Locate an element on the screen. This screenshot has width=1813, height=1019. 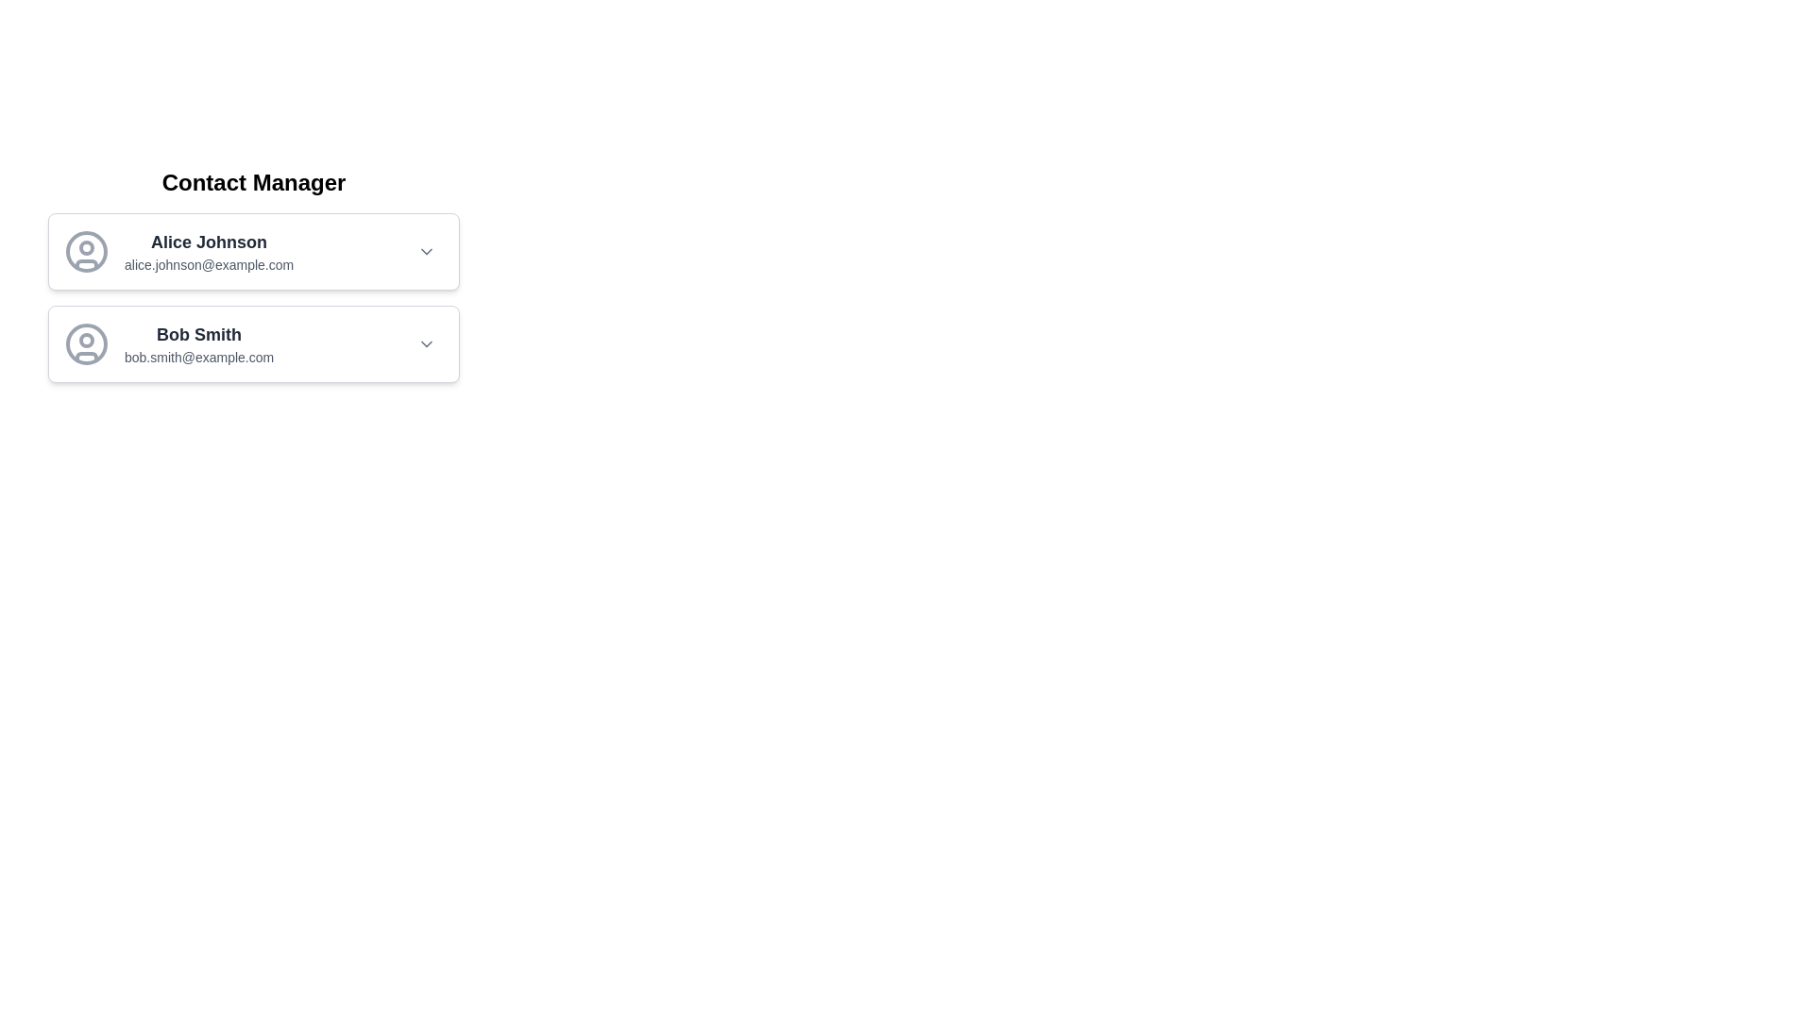
the circular outline of the user profile icon for 'Bob Smith', which is located at the beginning of the second item in the list under 'Contact Manager' is located at coordinates (85, 344).